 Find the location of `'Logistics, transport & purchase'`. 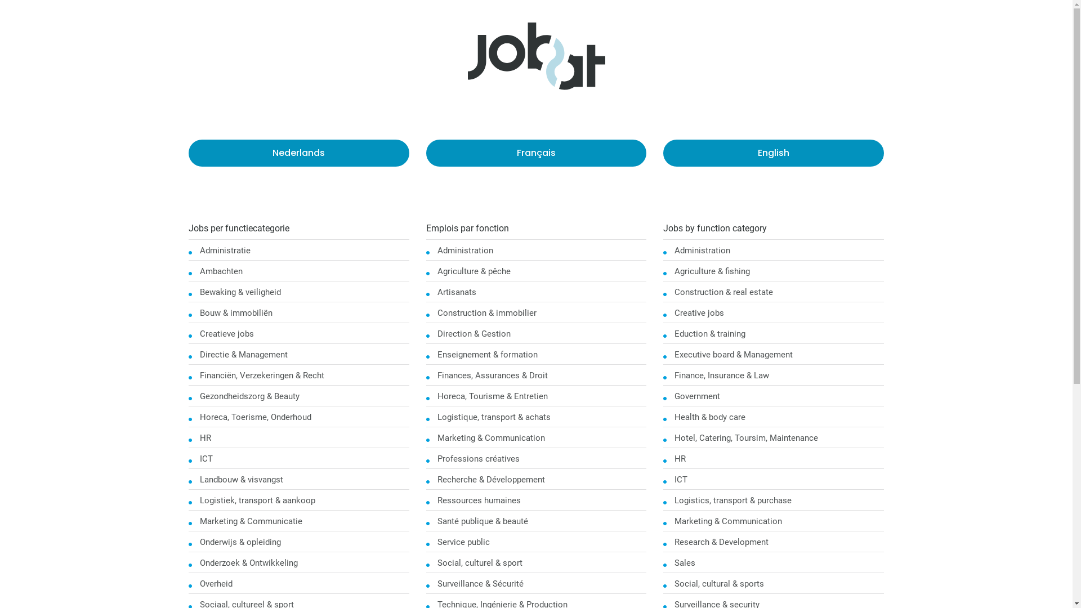

'Logistics, transport & purchase' is located at coordinates (732, 499).